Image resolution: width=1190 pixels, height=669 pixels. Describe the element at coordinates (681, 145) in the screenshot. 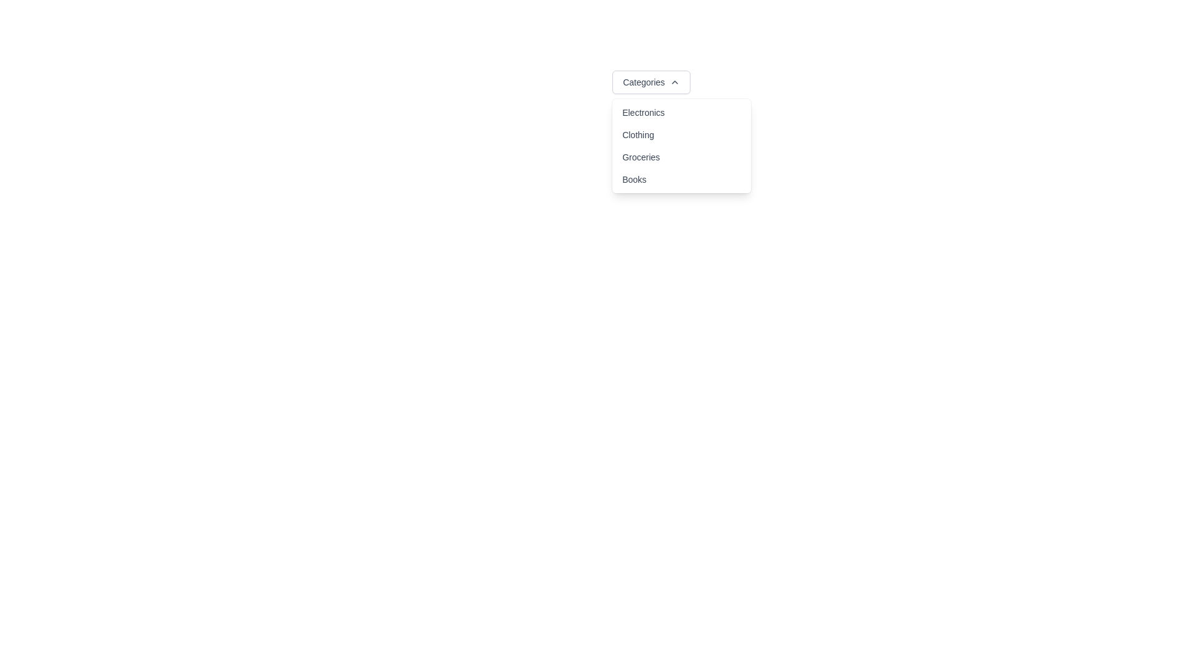

I see `the third option in the dropdown menu triggered by the 'Categories' button, which is located in the middle right portion of the menu` at that location.